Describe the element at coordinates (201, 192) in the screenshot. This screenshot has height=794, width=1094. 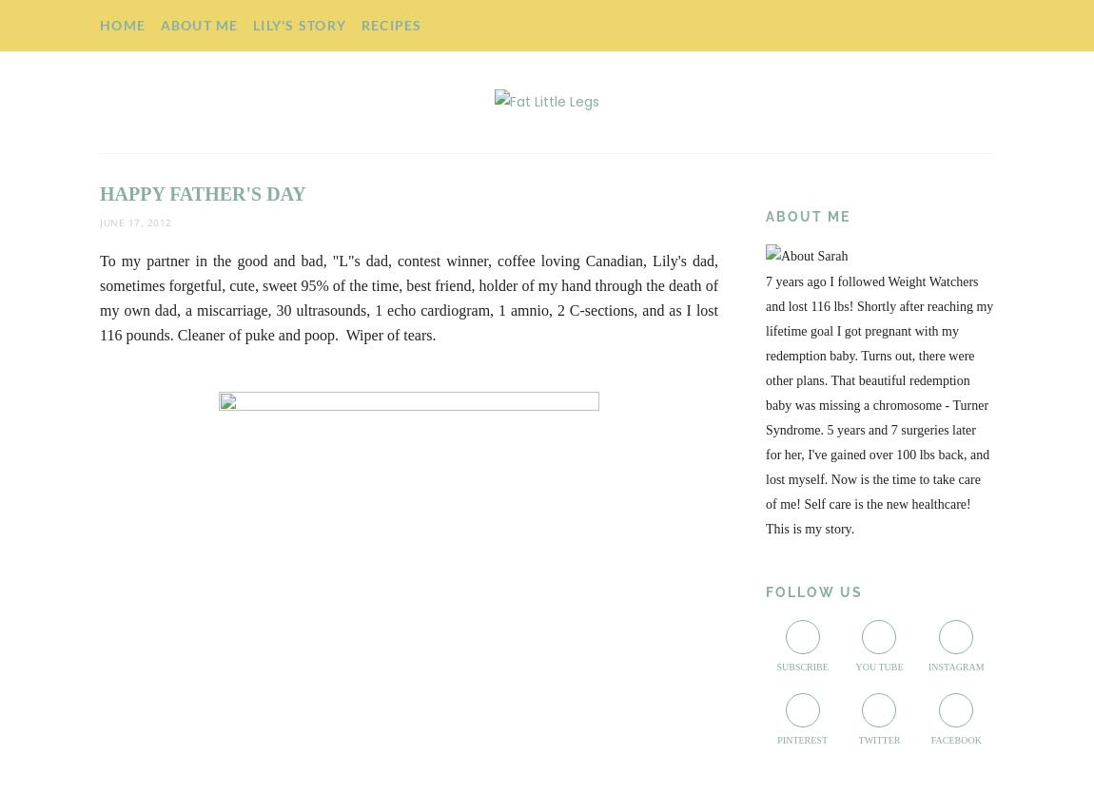
I see `'Happy Father's Day'` at that location.